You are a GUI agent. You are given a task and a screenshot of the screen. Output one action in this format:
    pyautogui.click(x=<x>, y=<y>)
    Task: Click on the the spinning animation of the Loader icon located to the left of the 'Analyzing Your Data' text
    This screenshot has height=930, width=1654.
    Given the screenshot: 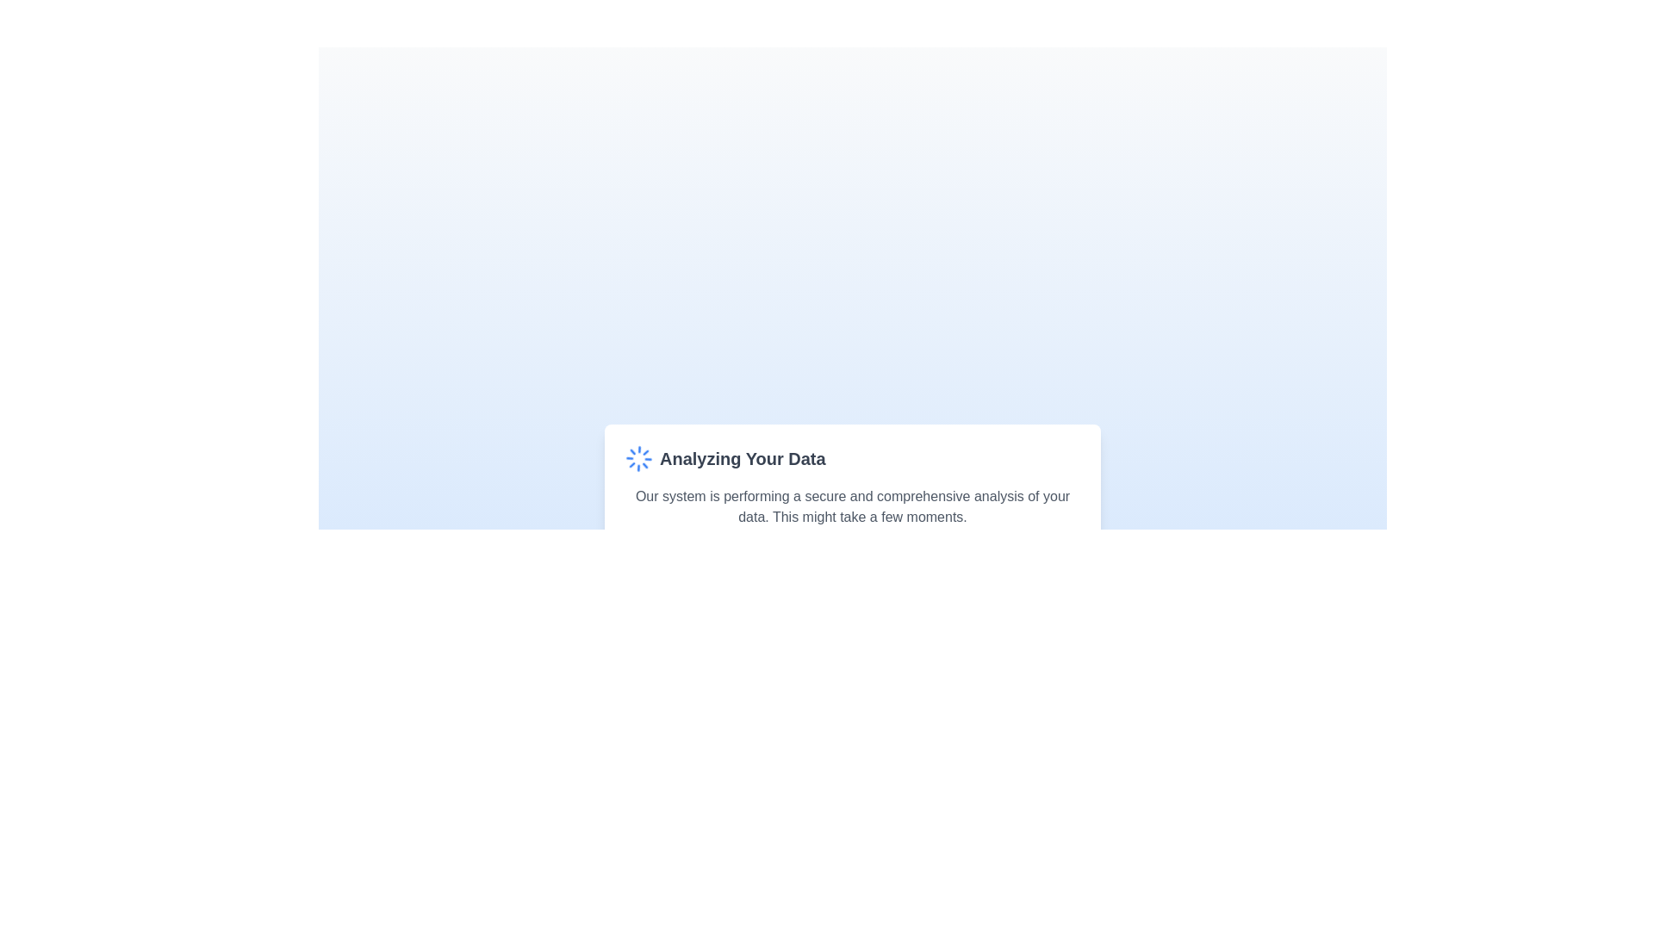 What is the action you would take?
    pyautogui.click(x=638, y=457)
    